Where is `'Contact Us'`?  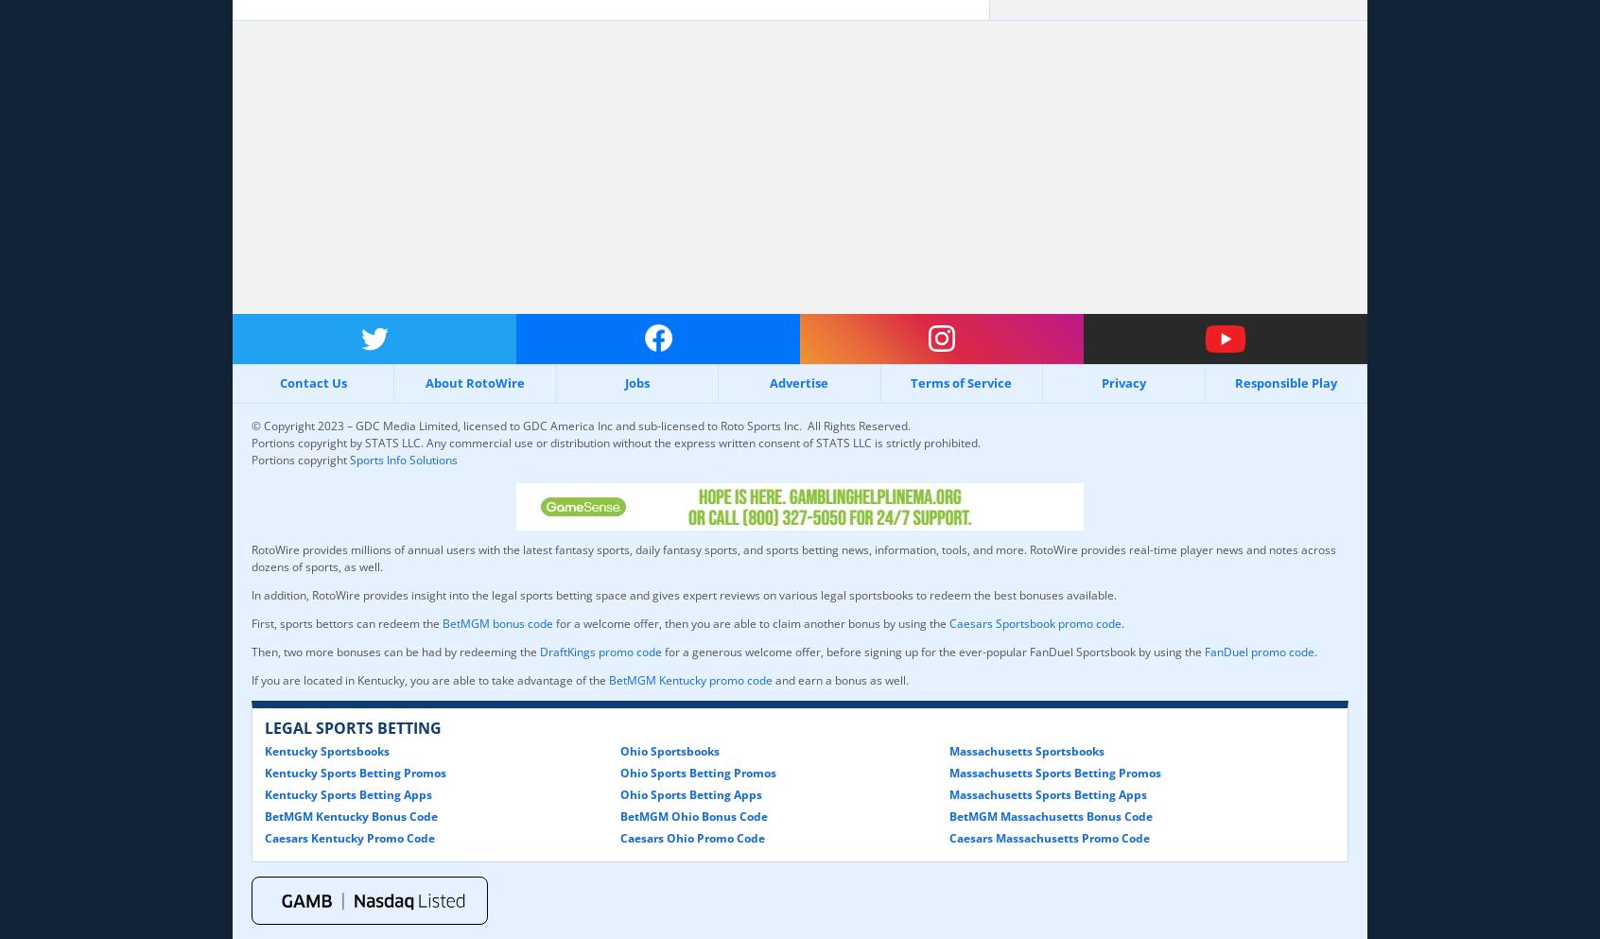
'Contact Us' is located at coordinates (277, 382).